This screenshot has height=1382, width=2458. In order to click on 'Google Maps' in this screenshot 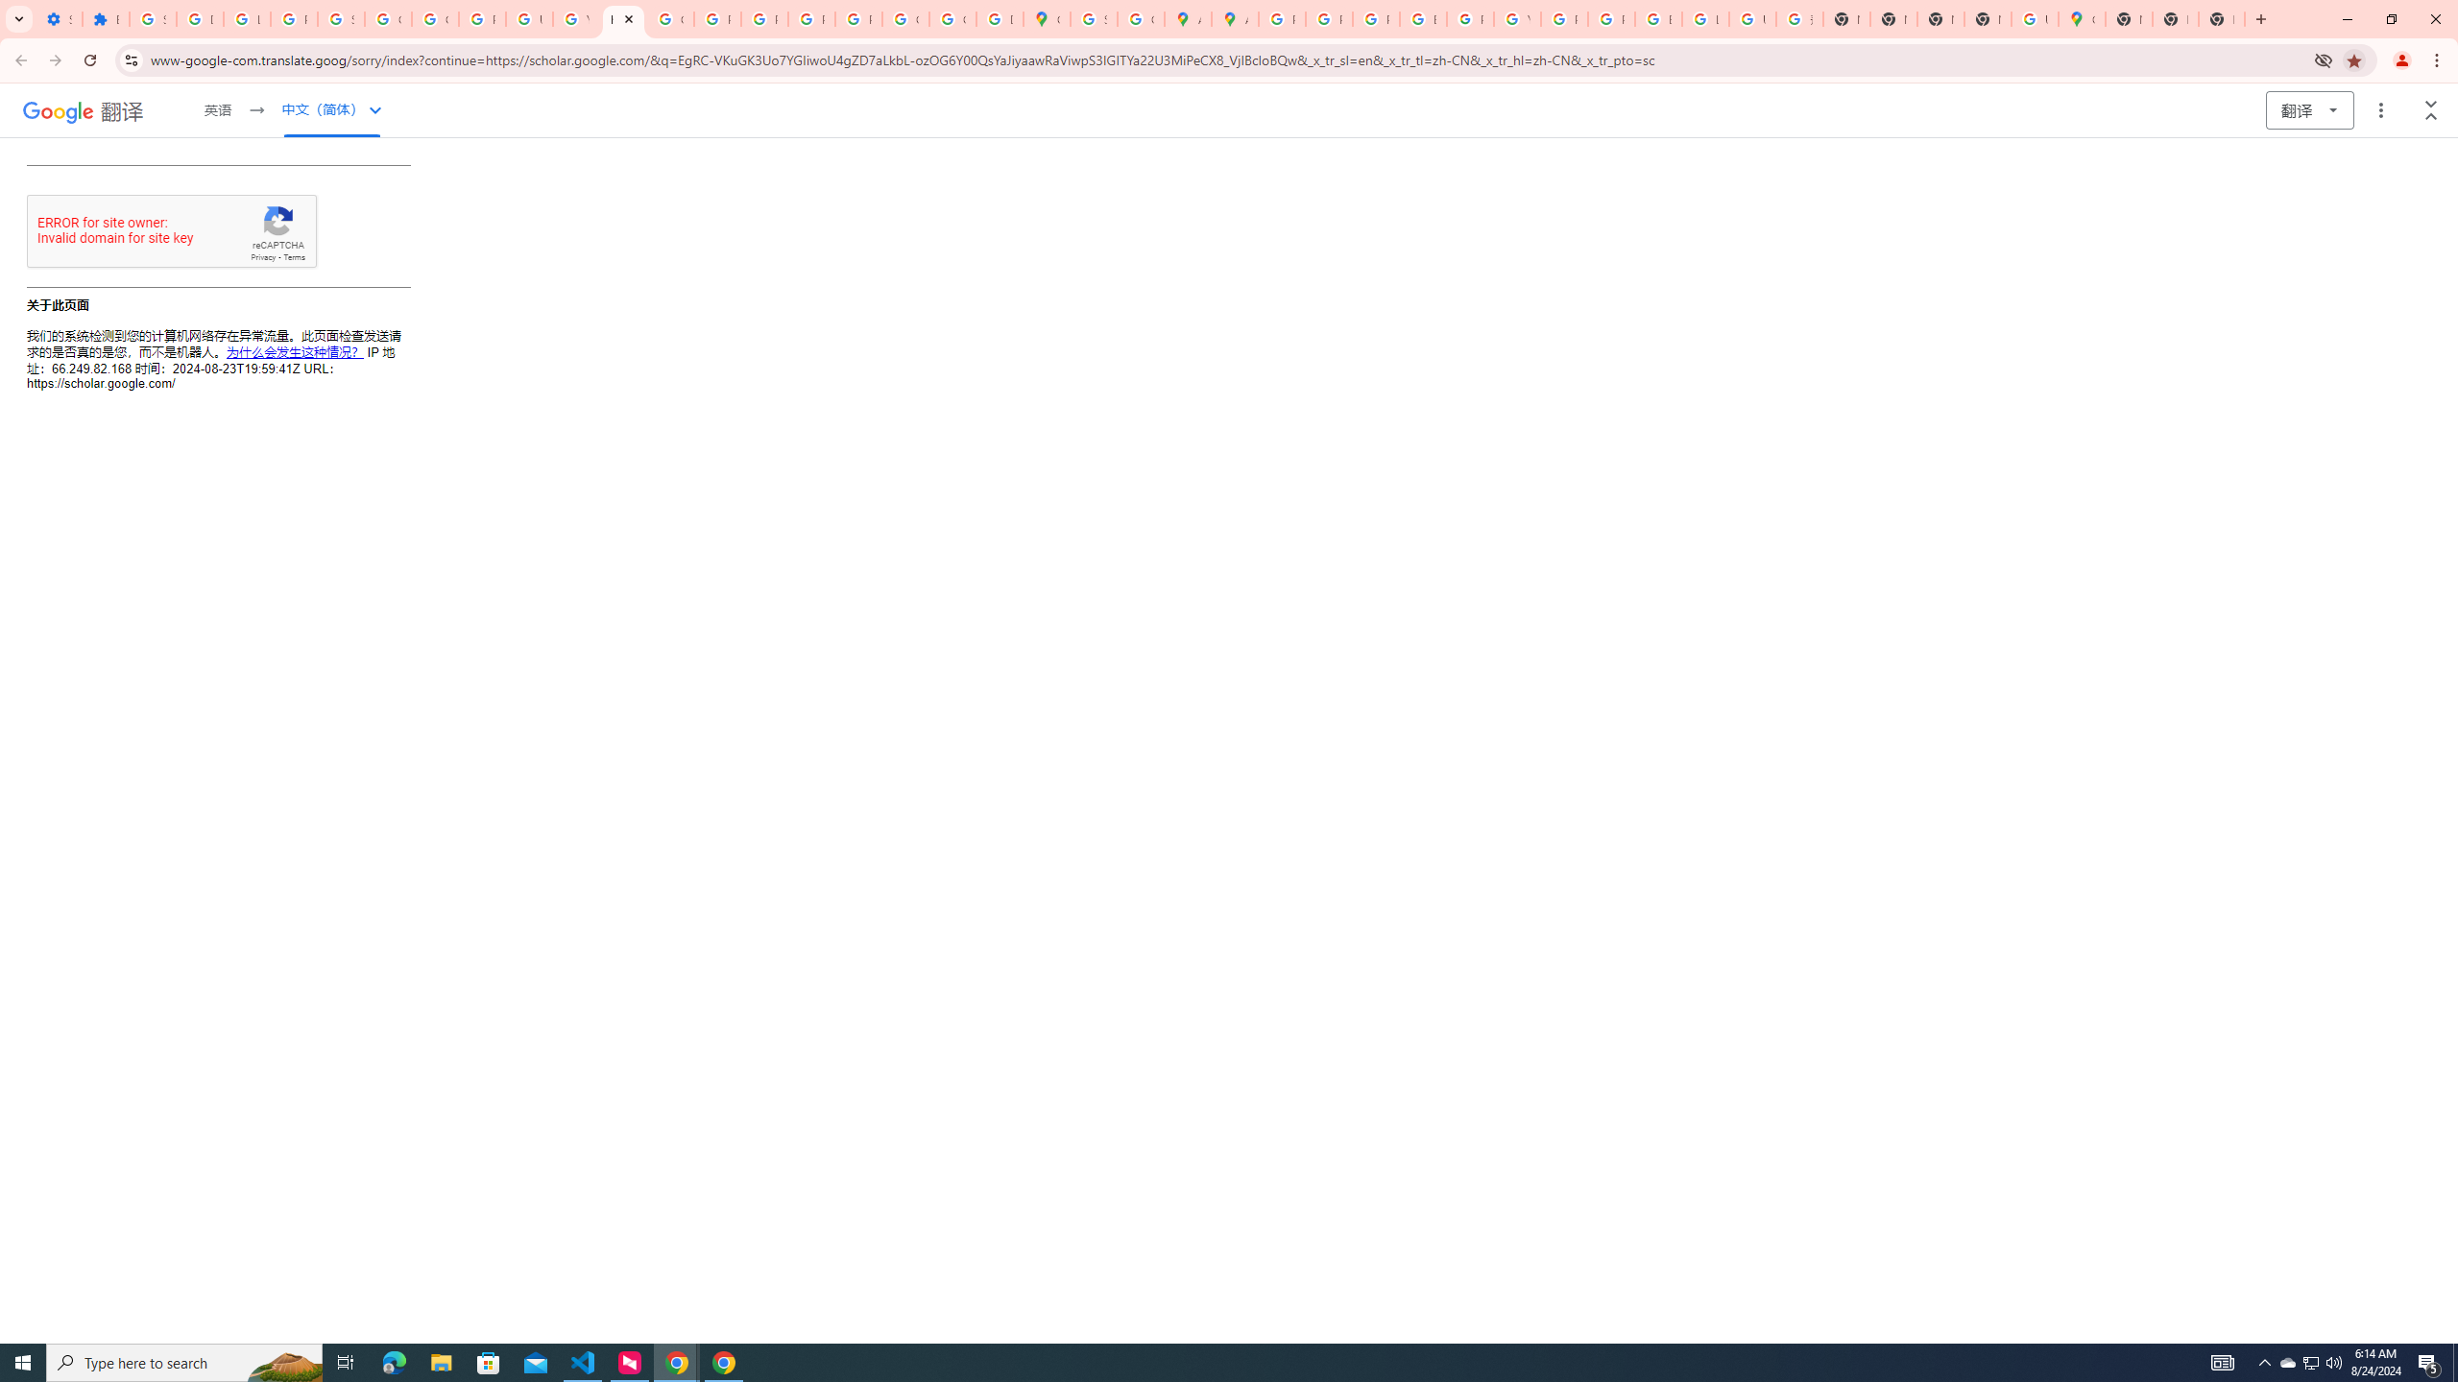, I will do `click(2082, 18)`.